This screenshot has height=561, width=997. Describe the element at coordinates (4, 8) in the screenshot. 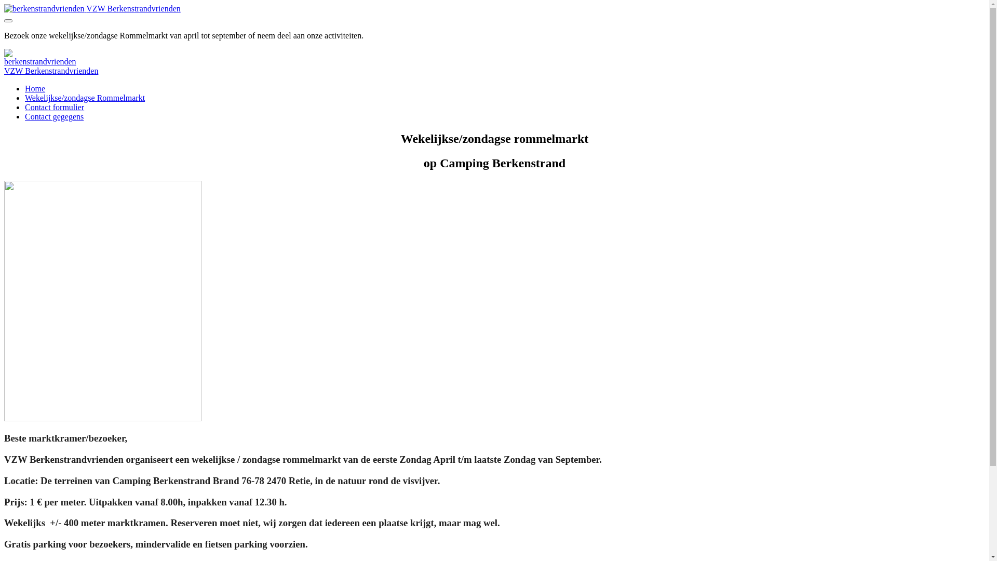

I see `'VZW Berkenstrandvrienden'` at that location.